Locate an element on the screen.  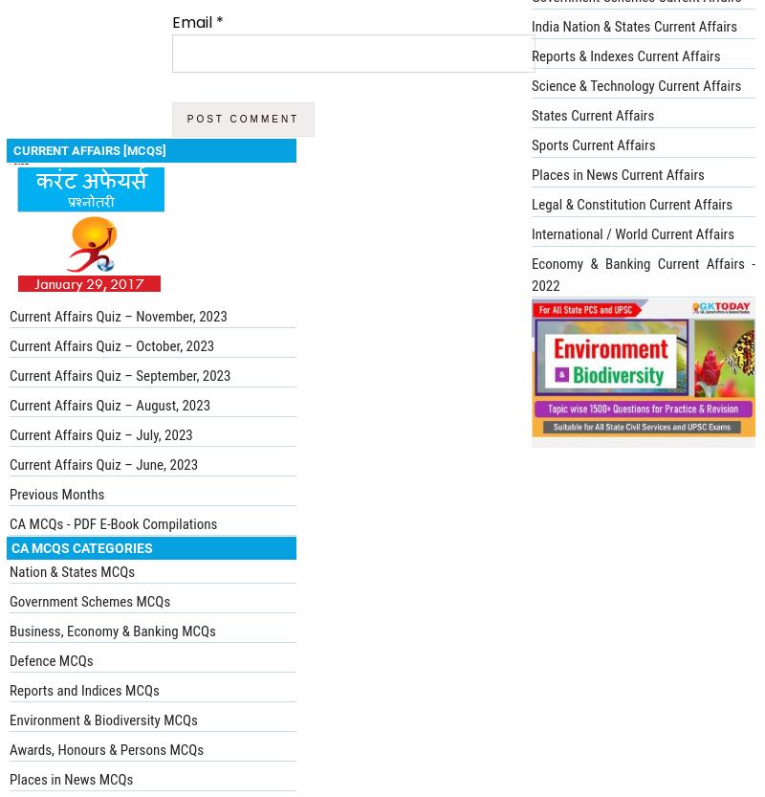
'Current Affairs Quiz – August, 2023' is located at coordinates (109, 403).